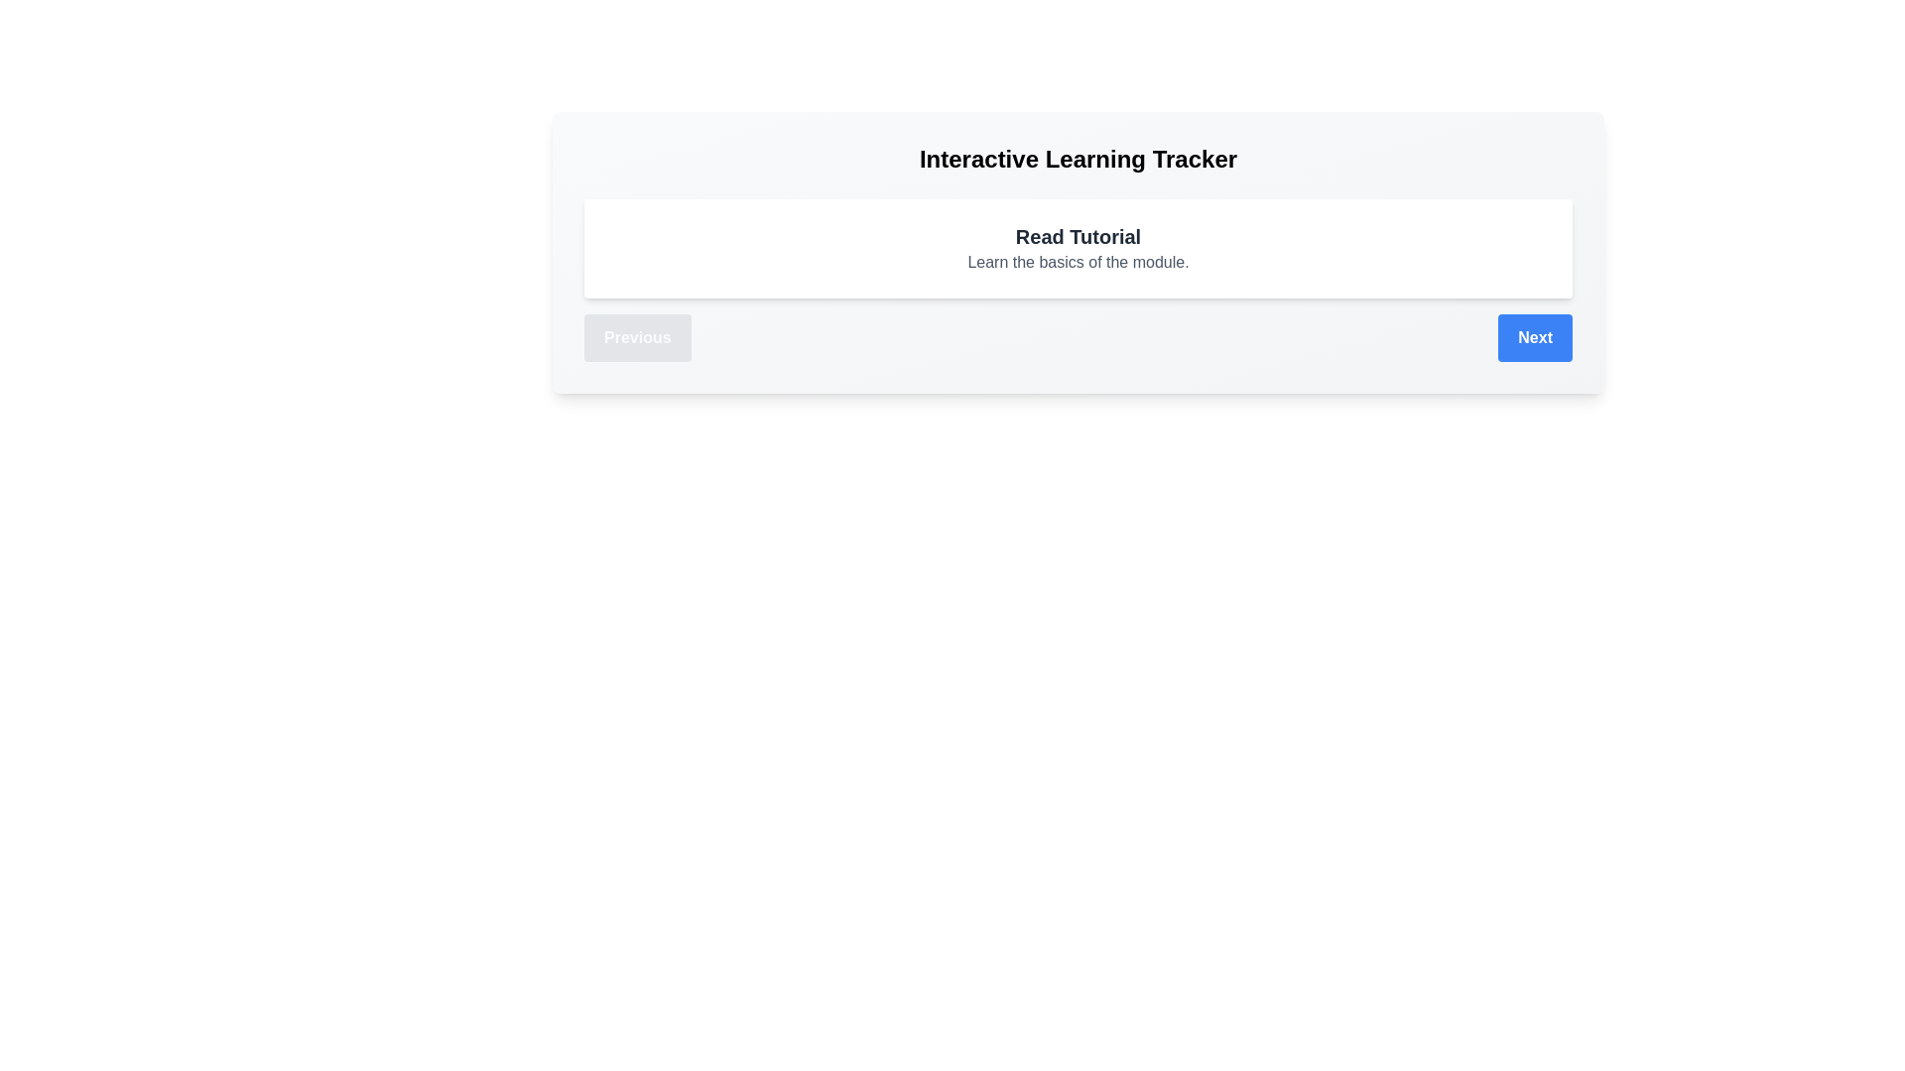 This screenshot has height=1071, width=1905. I want to click on the 'Read Tutorial' text to select it, so click(1077, 236).